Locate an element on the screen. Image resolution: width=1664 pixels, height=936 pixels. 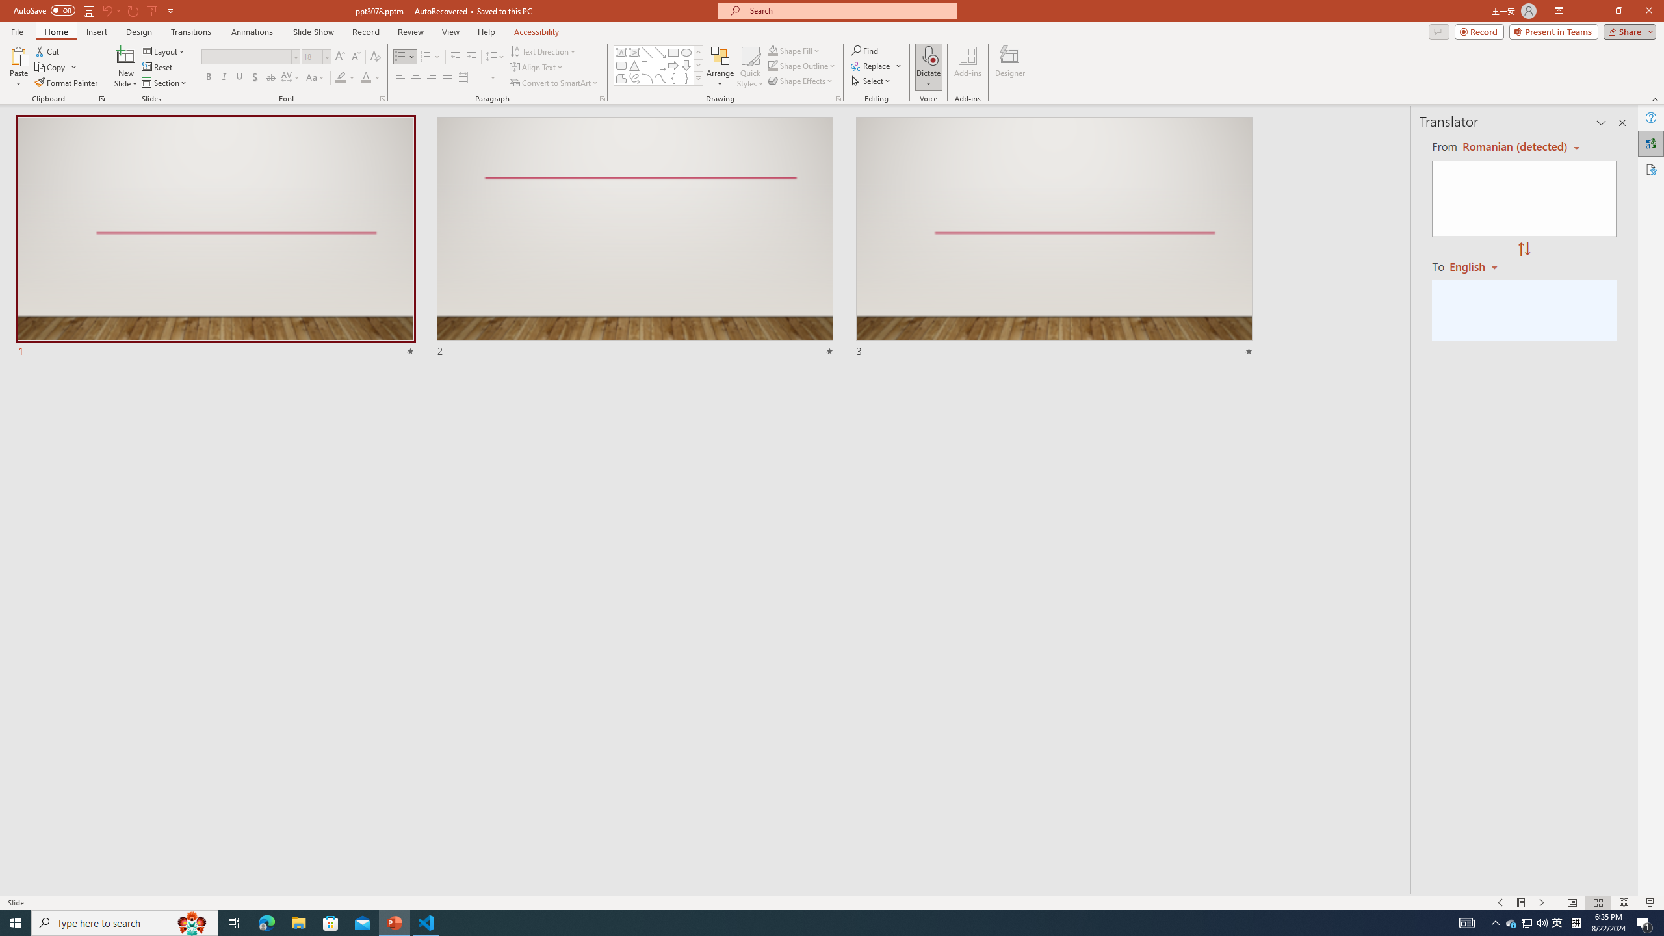
'Shape Effects' is located at coordinates (800, 79).